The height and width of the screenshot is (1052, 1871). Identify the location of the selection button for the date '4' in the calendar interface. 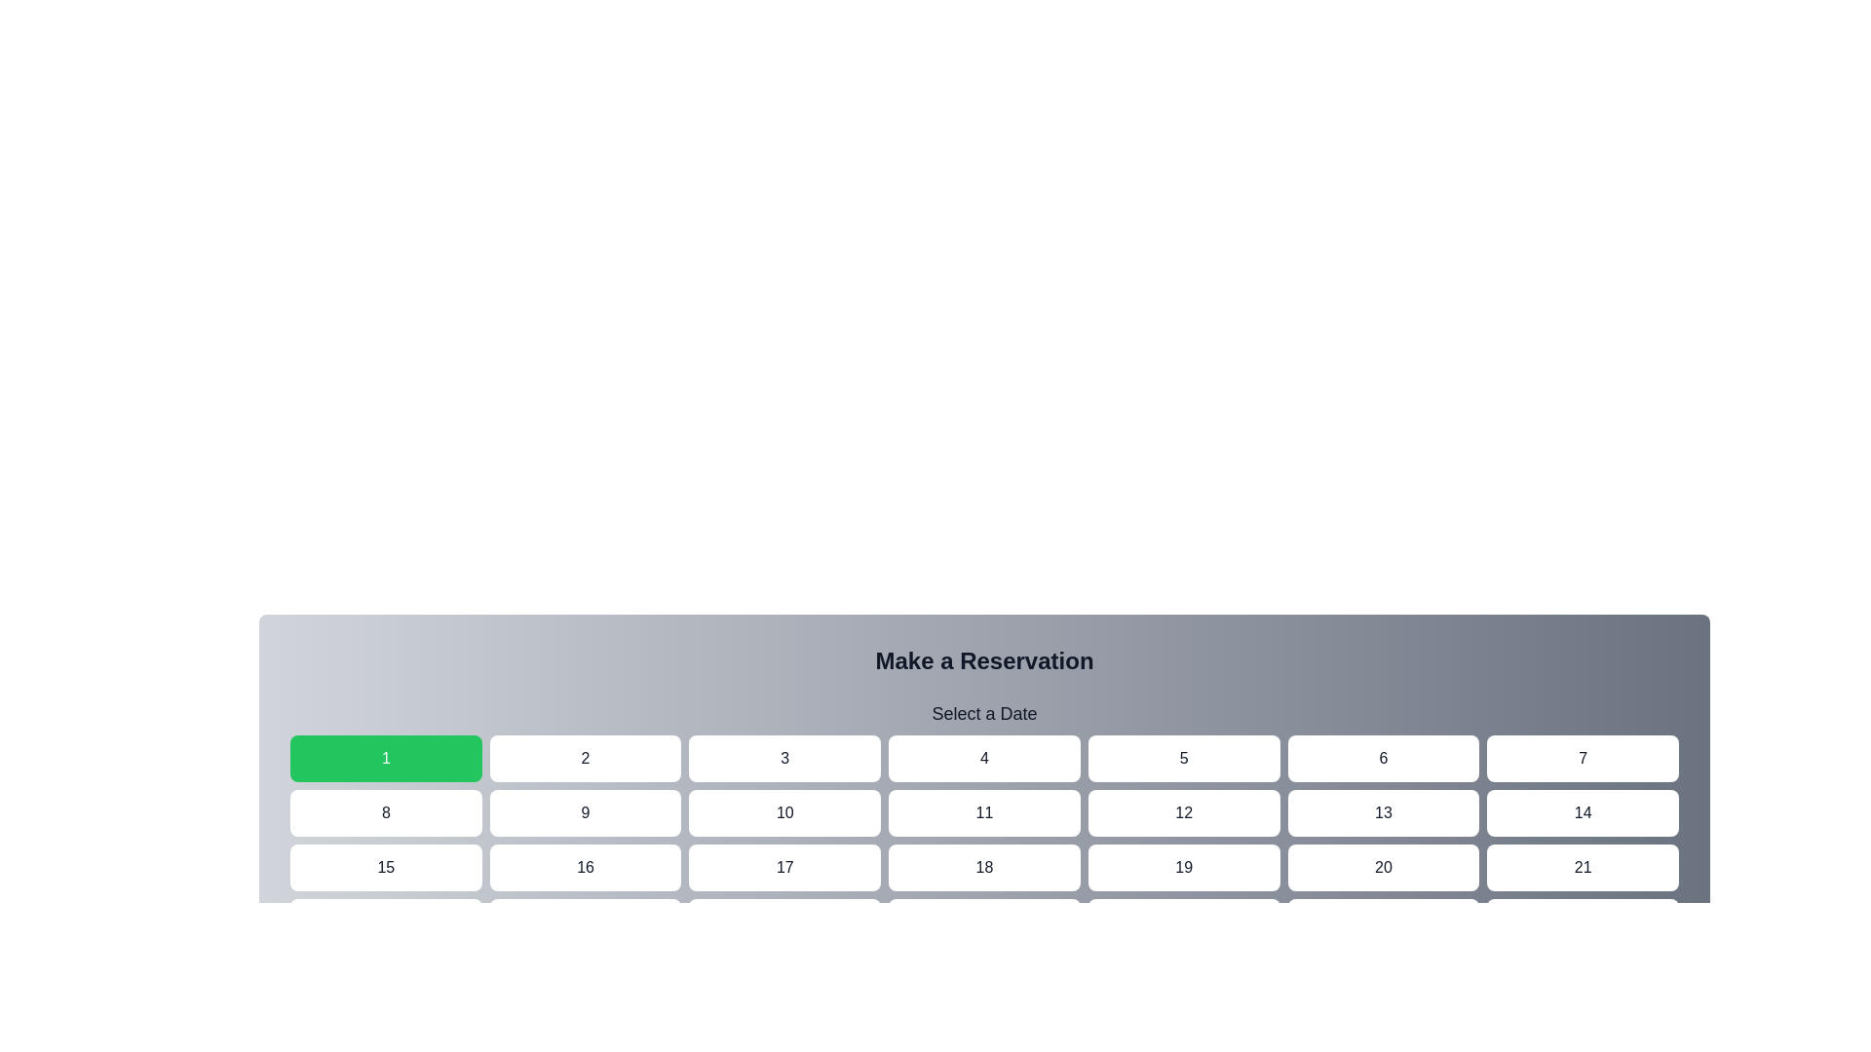
(984, 758).